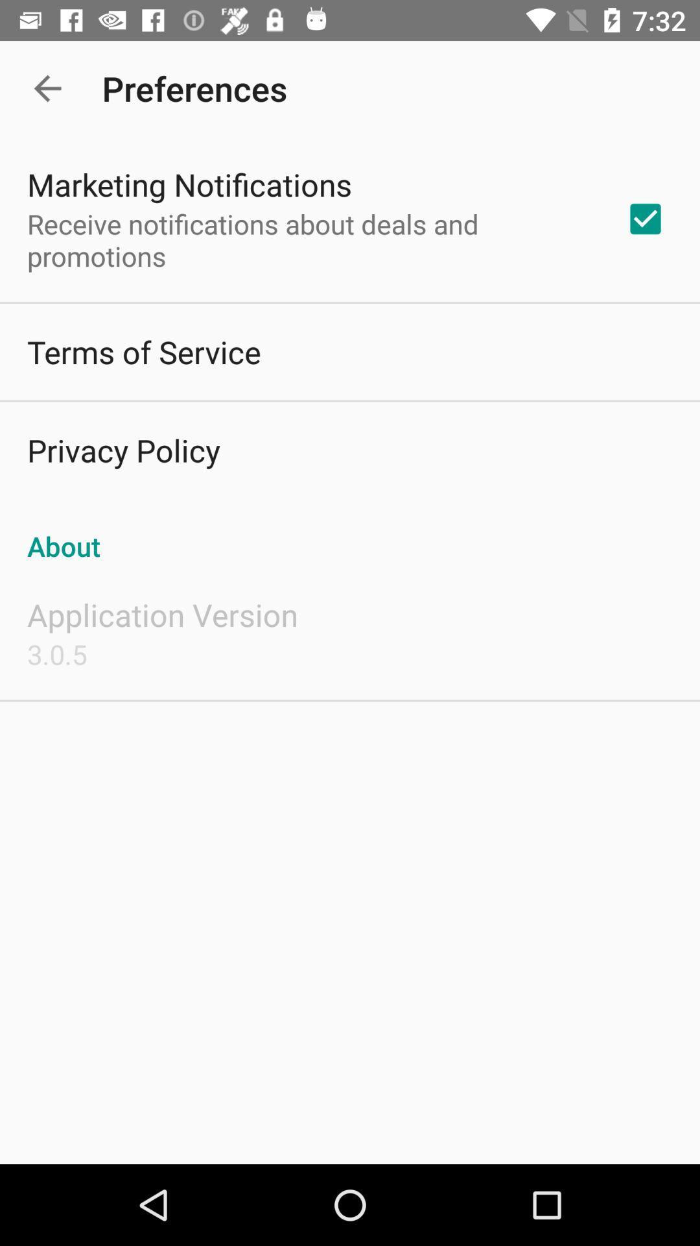  Describe the element at coordinates (56, 654) in the screenshot. I see `3.0.5 item` at that location.